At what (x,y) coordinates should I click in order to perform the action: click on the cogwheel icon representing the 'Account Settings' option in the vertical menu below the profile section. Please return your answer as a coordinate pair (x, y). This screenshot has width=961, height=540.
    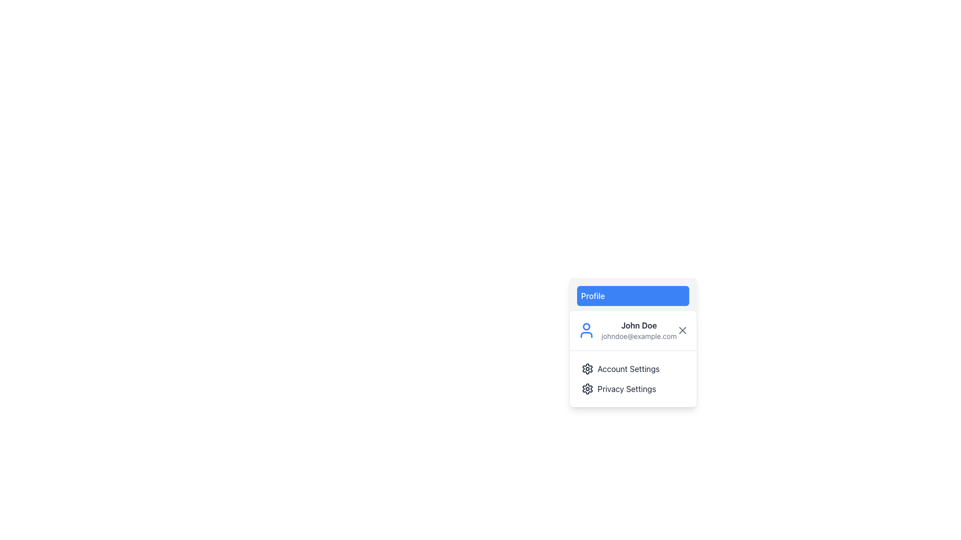
    Looking at the image, I should click on (588, 368).